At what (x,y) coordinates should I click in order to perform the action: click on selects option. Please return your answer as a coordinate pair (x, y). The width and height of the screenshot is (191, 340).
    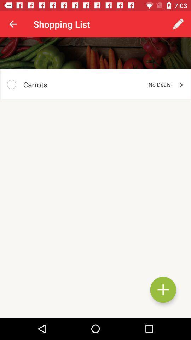
    Looking at the image, I should click on (11, 84).